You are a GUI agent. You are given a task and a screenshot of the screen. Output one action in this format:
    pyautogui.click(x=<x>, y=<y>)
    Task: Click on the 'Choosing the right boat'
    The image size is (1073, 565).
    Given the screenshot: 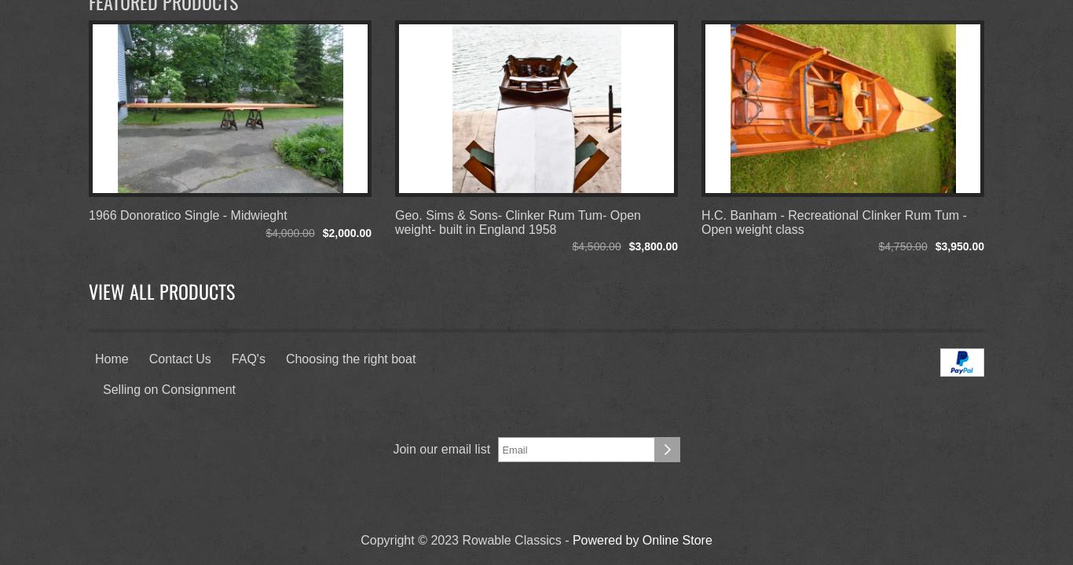 What is the action you would take?
    pyautogui.click(x=349, y=359)
    